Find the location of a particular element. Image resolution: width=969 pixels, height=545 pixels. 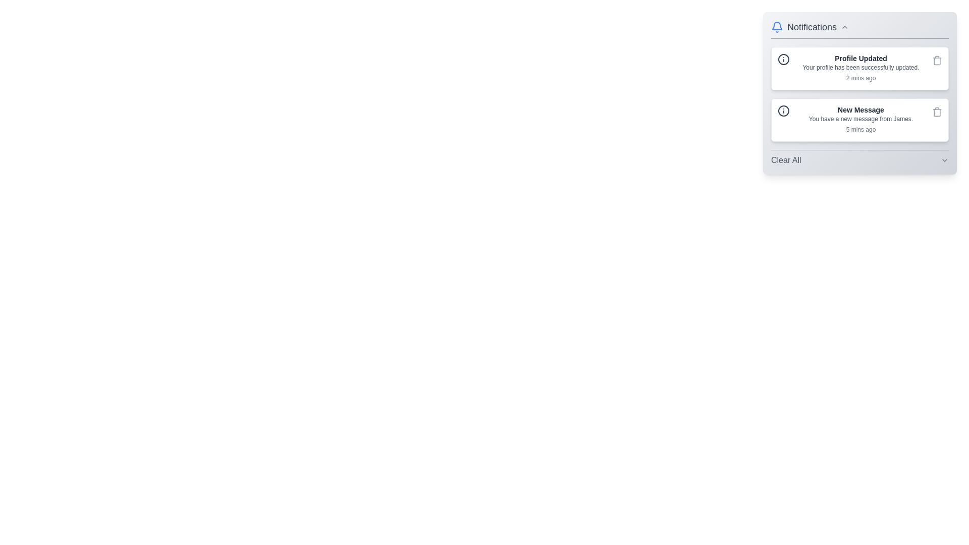

delete button for the notification titled 'New Message' is located at coordinates (937, 112).